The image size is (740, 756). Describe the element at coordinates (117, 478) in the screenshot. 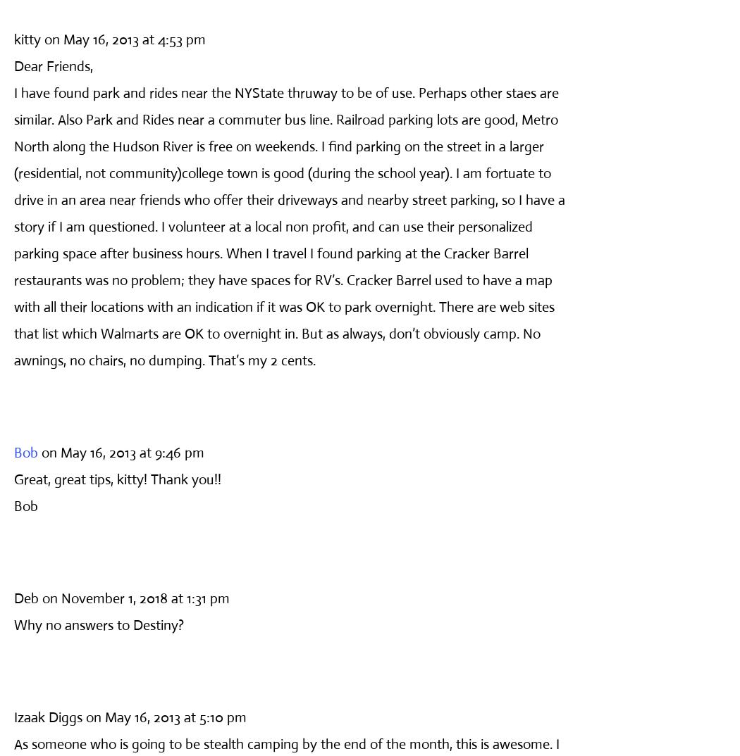

I see `'Great, great tips, kitty! Thank you!!'` at that location.